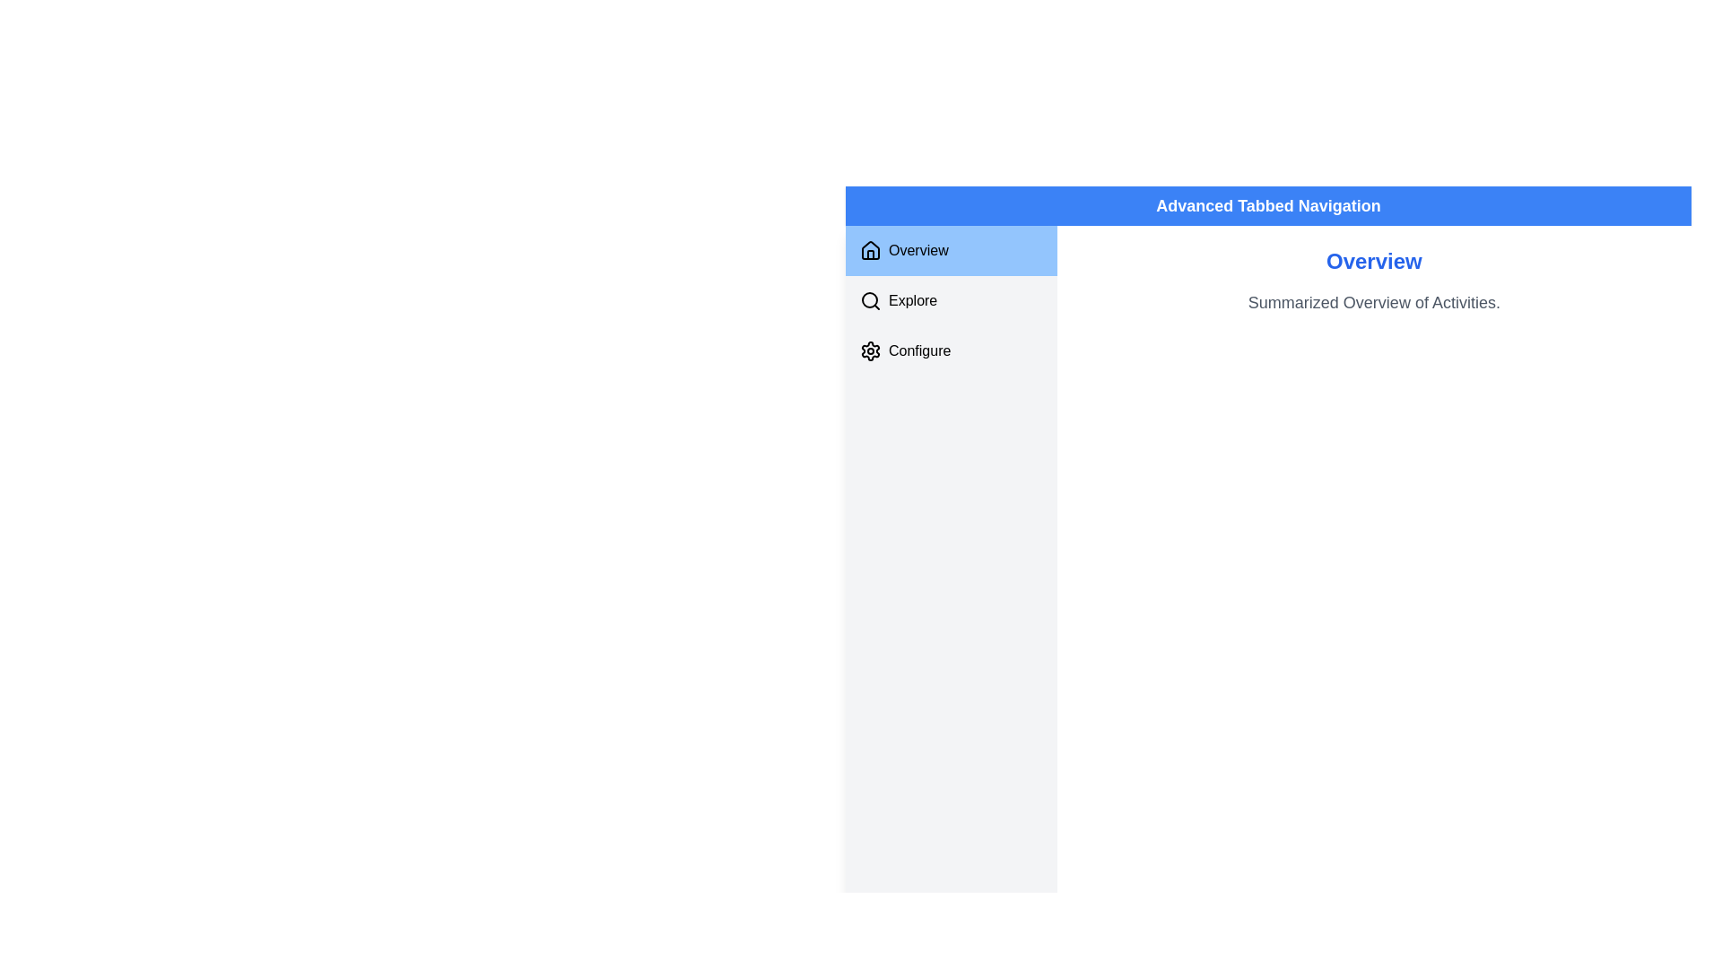  I want to click on the gear icon representing settings for the 'Configure' menu item located on the left sidebar below the 'Explore' item, so click(870, 351).